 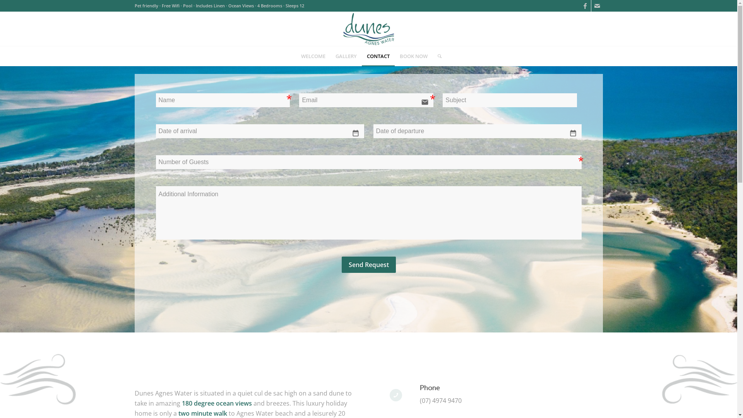 I want to click on 'WELCOME', so click(x=313, y=56).